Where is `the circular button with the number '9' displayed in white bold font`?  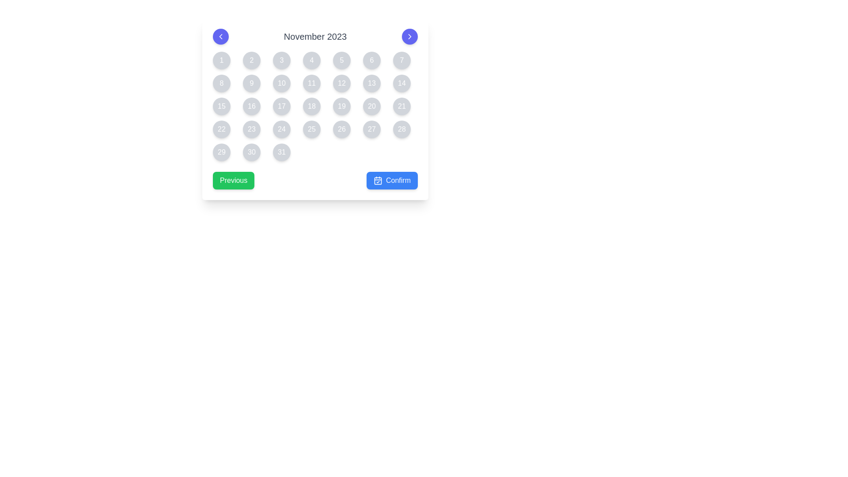
the circular button with the number '9' displayed in white bold font is located at coordinates (251, 83).